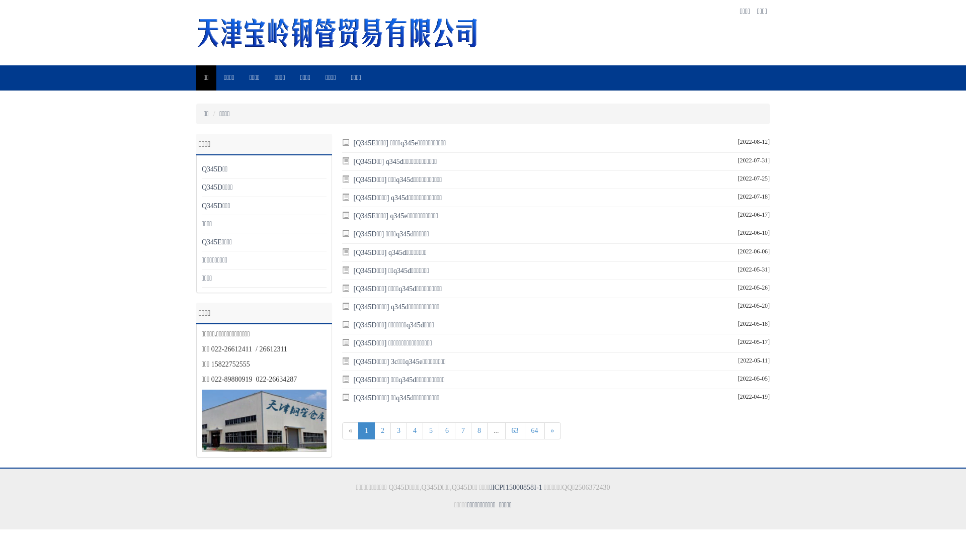 The width and height of the screenshot is (966, 543). Describe the element at coordinates (382, 430) in the screenshot. I see `'2'` at that location.